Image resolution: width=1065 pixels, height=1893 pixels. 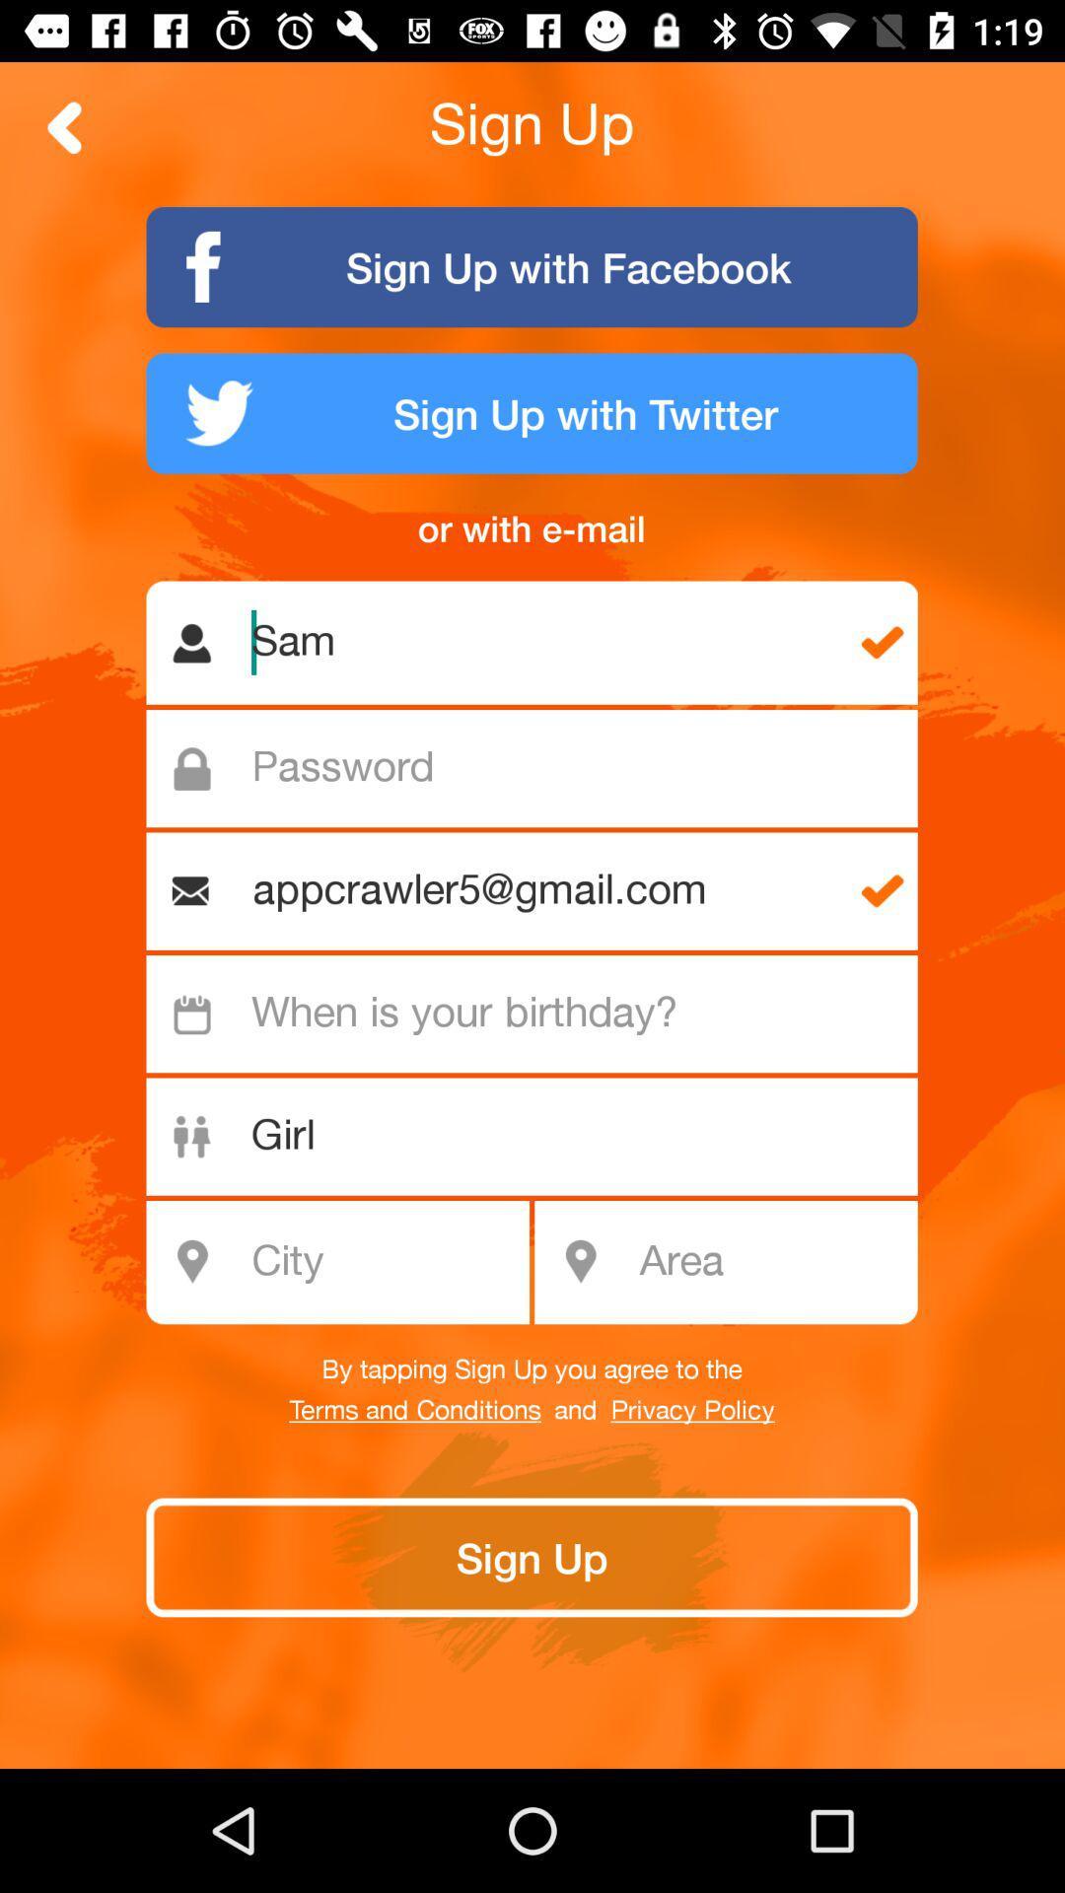 I want to click on text, so click(x=542, y=767).